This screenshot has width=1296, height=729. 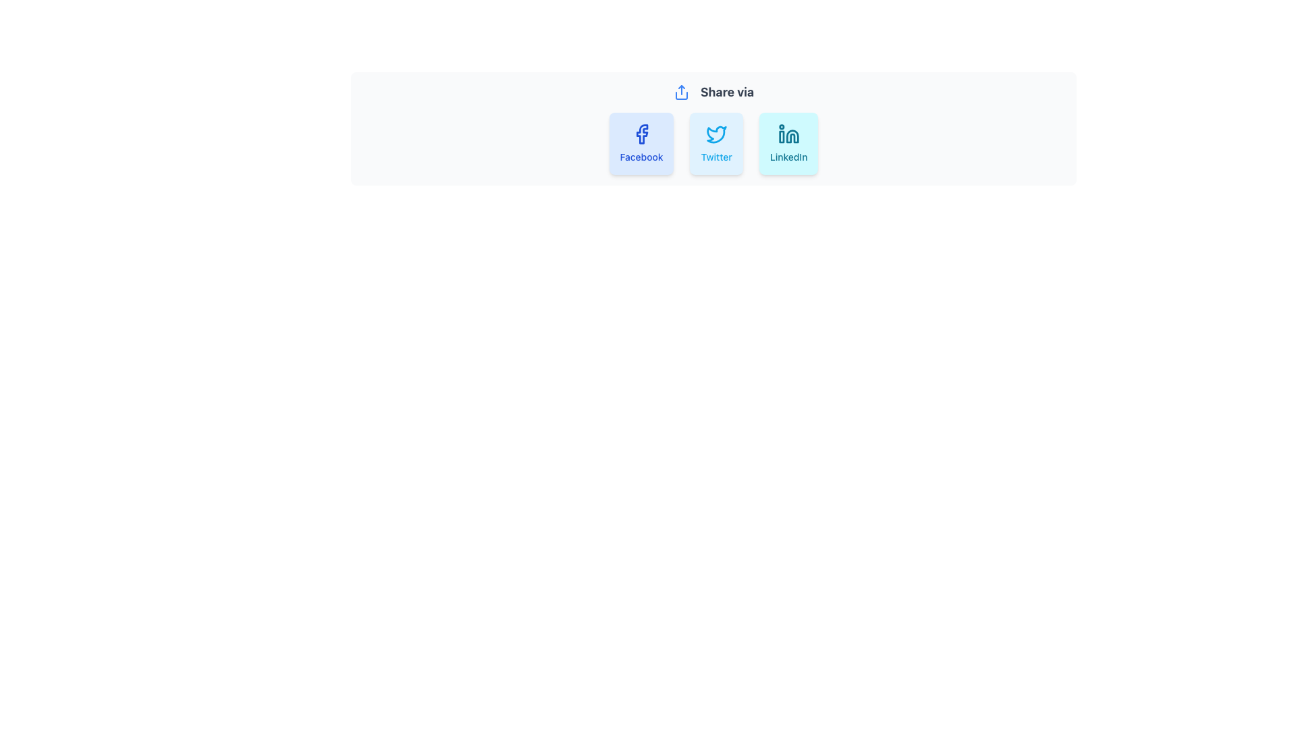 What do you see at coordinates (641, 134) in the screenshot?
I see `the Facebook sharing icon` at bounding box center [641, 134].